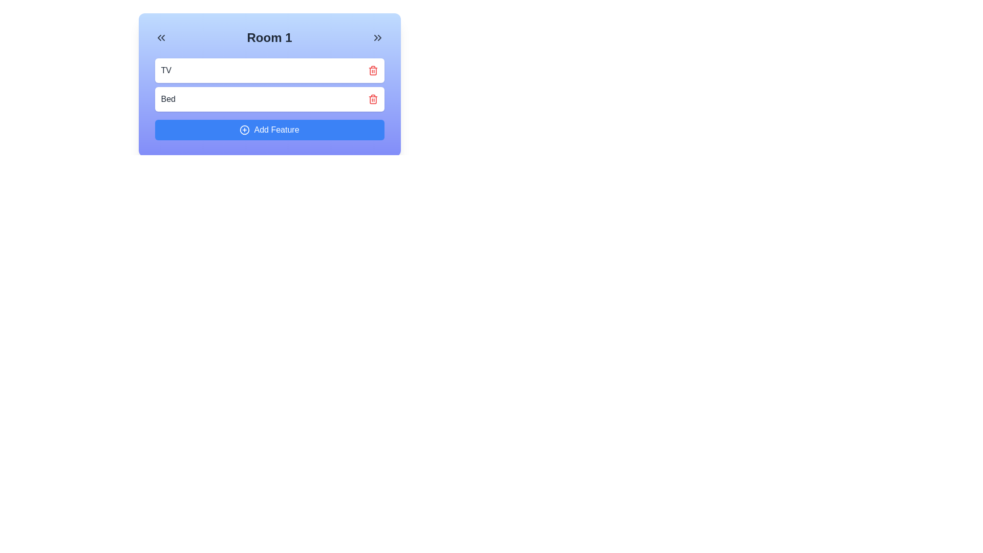 The width and height of the screenshot is (983, 553). What do you see at coordinates (375, 37) in the screenshot?
I see `the left chevron icon in the top-right corner of the interface` at bounding box center [375, 37].